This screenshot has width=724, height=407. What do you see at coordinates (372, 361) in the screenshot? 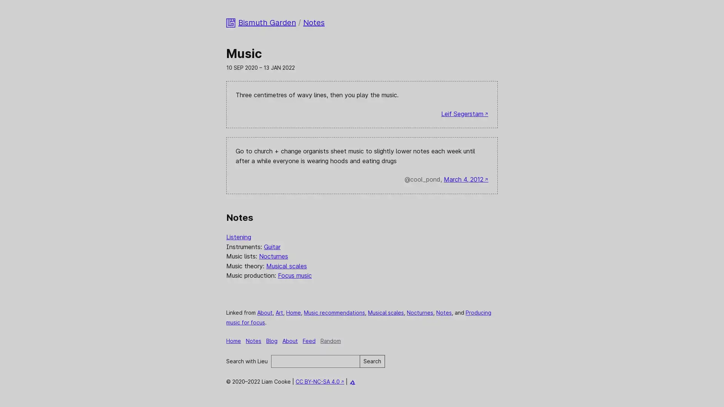
I see `Search` at bounding box center [372, 361].